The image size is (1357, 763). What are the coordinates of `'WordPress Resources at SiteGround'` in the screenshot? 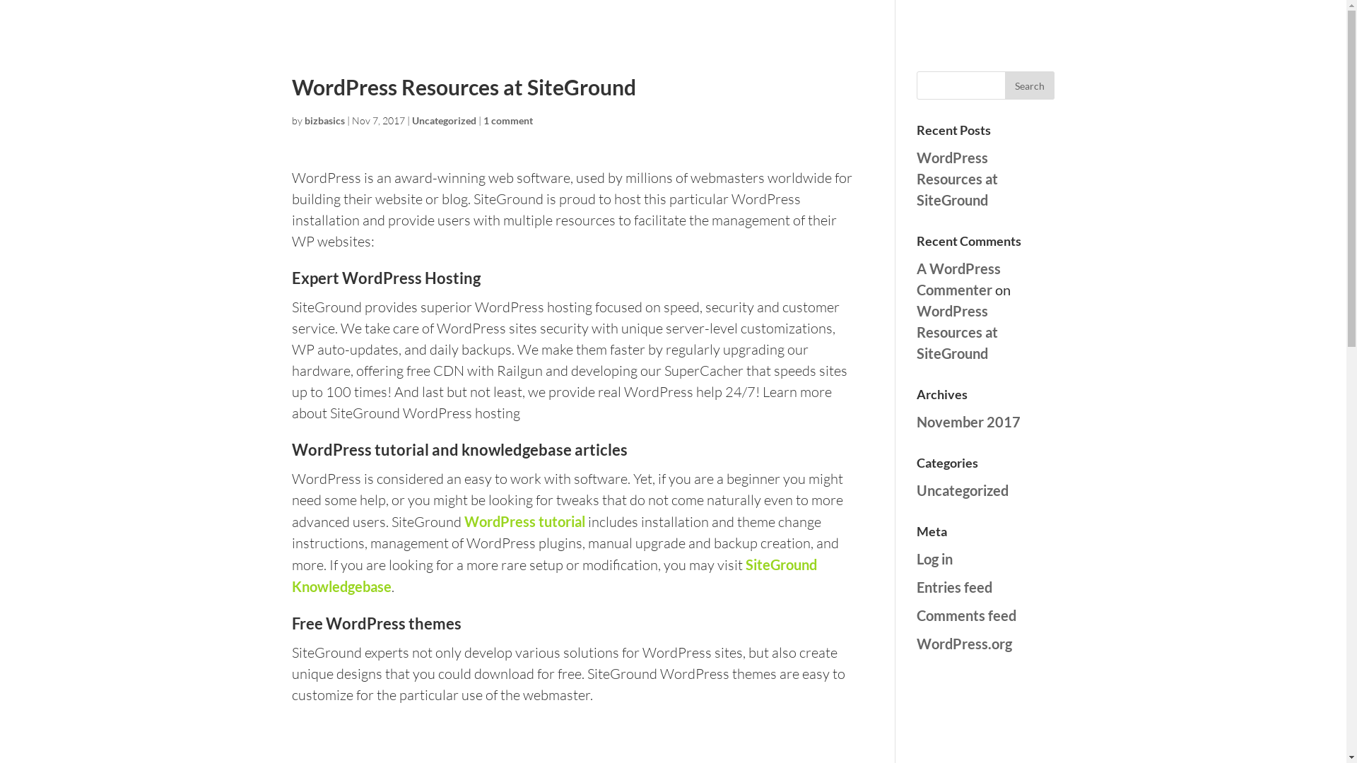 It's located at (957, 332).